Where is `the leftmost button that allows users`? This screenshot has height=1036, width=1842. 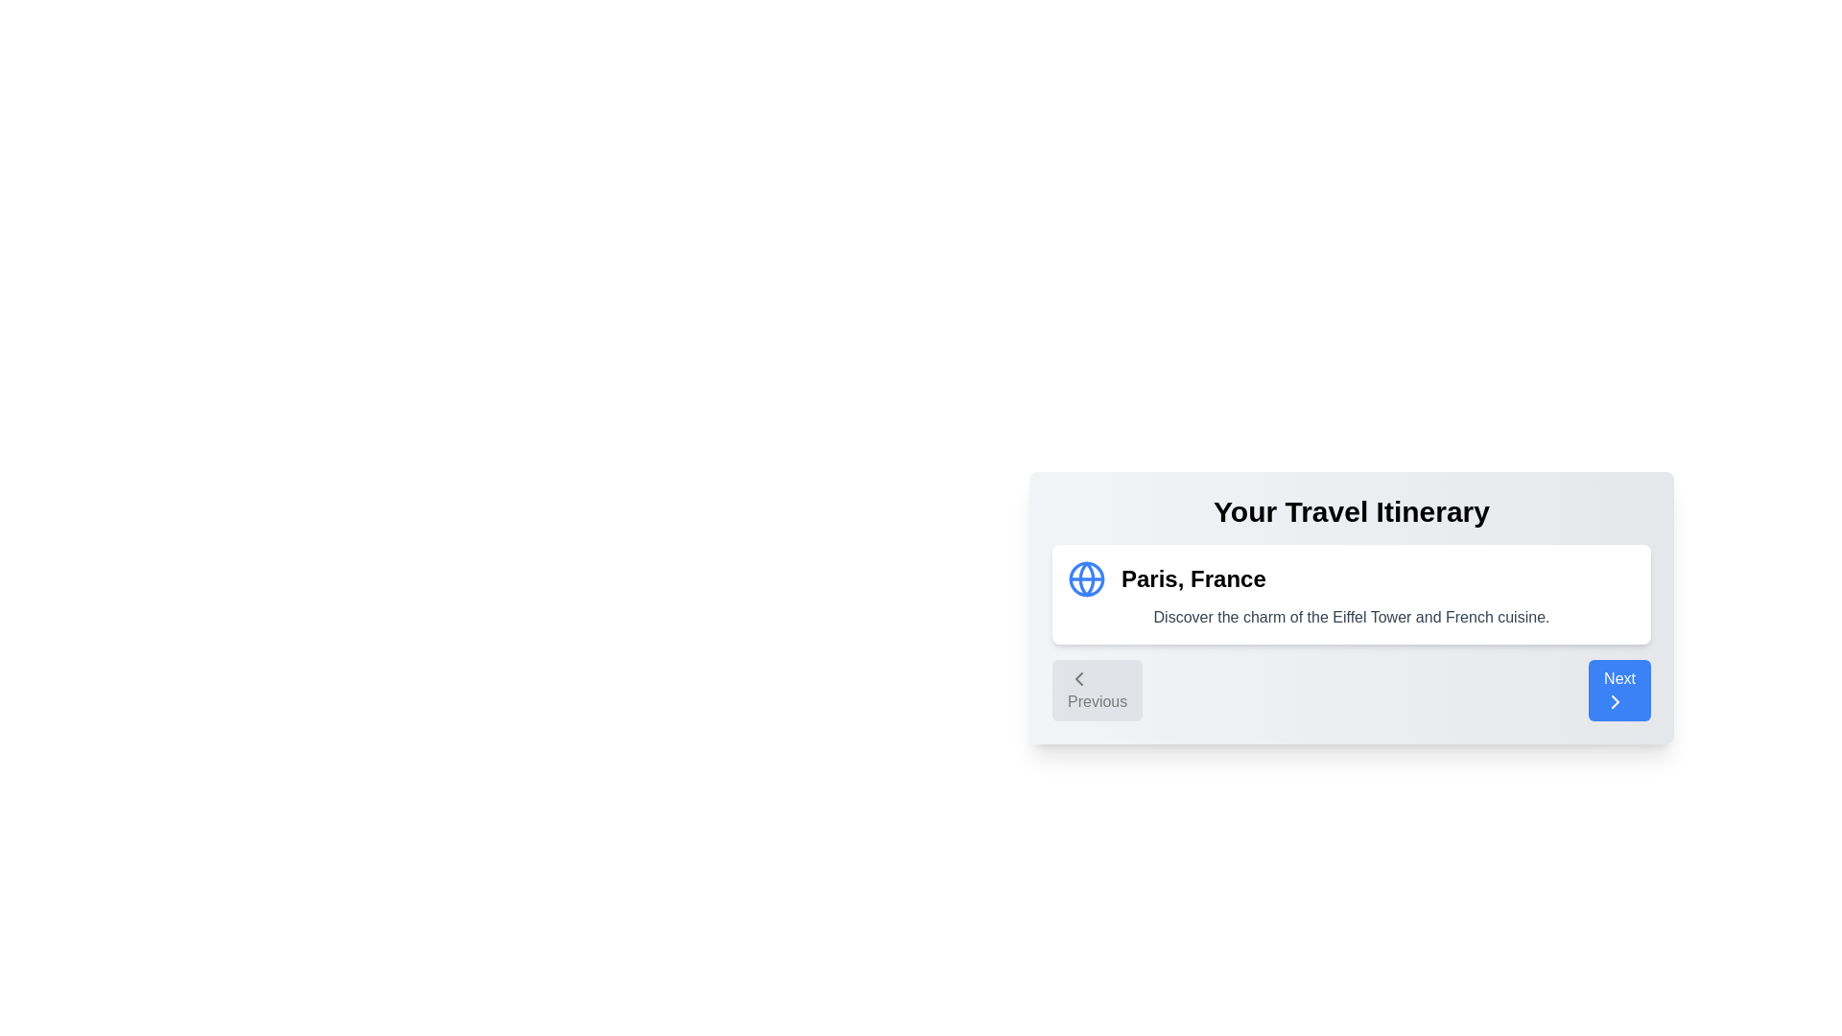 the leftmost button that allows users is located at coordinates (1097, 691).